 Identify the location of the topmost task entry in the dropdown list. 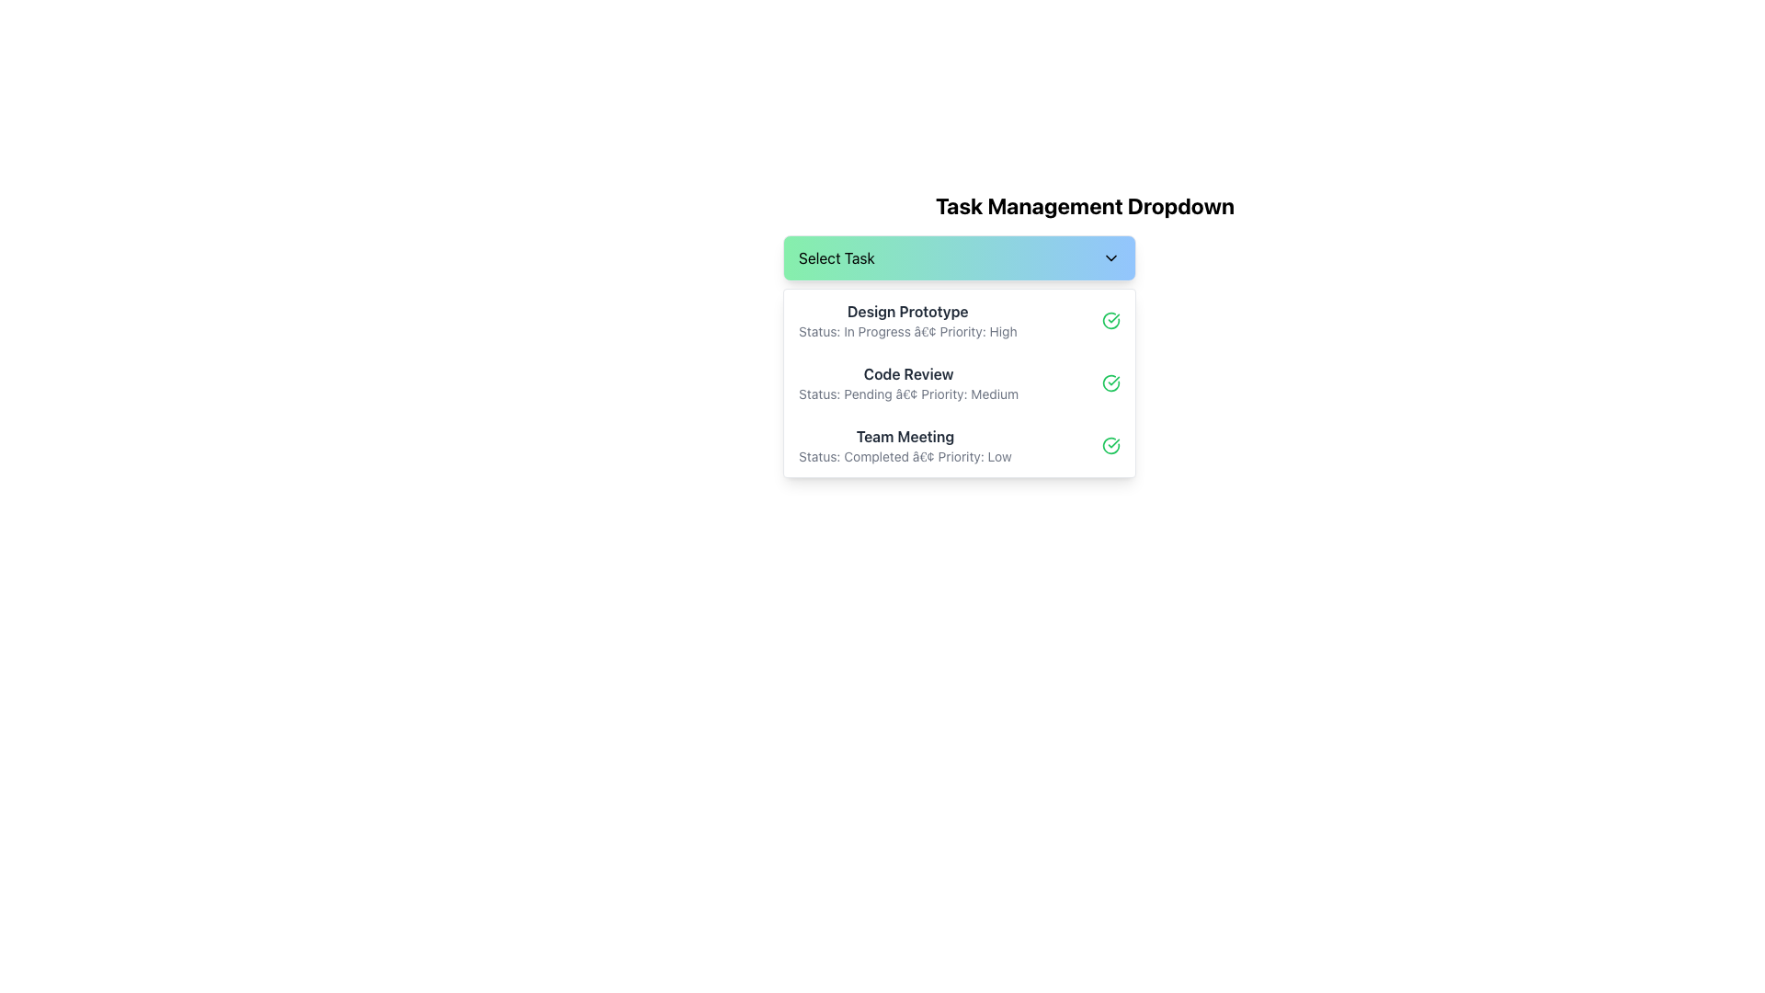
(907, 319).